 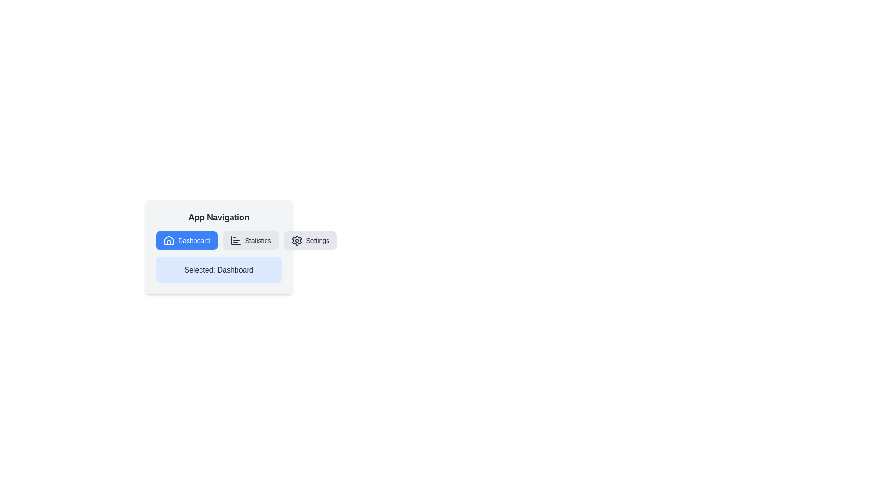 I want to click on the gear icon located in the top right section of the navigation bar, so click(x=297, y=240).